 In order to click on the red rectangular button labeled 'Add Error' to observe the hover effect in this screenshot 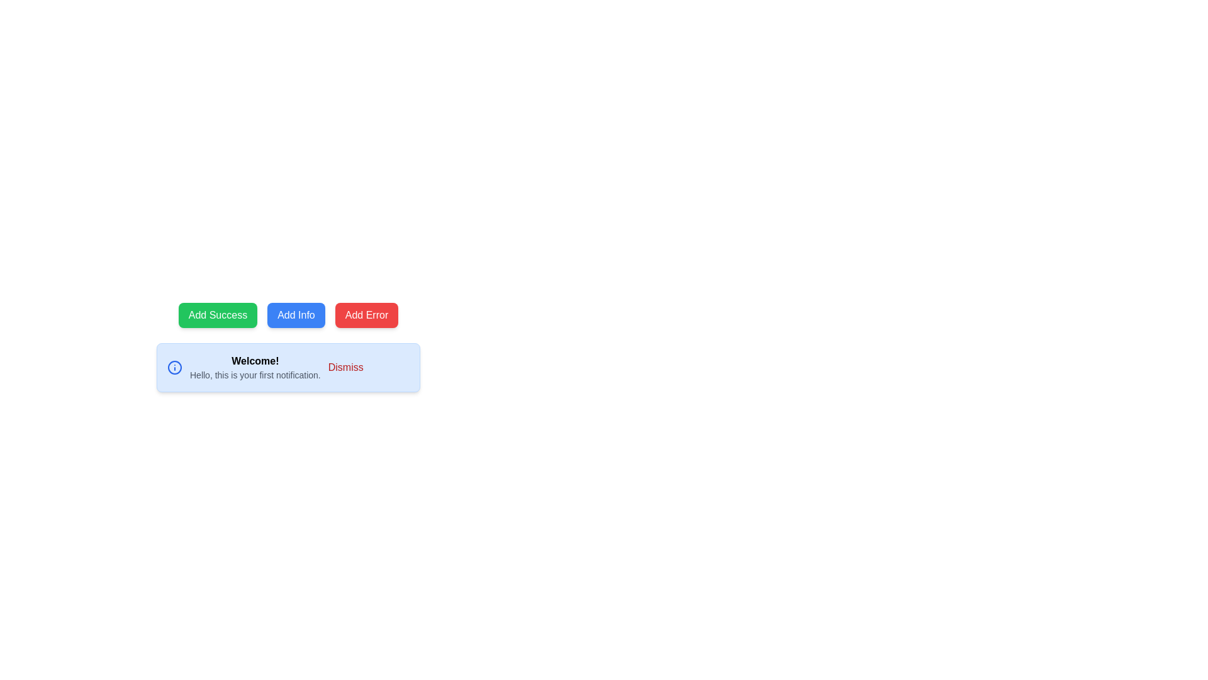, I will do `click(366, 315)`.